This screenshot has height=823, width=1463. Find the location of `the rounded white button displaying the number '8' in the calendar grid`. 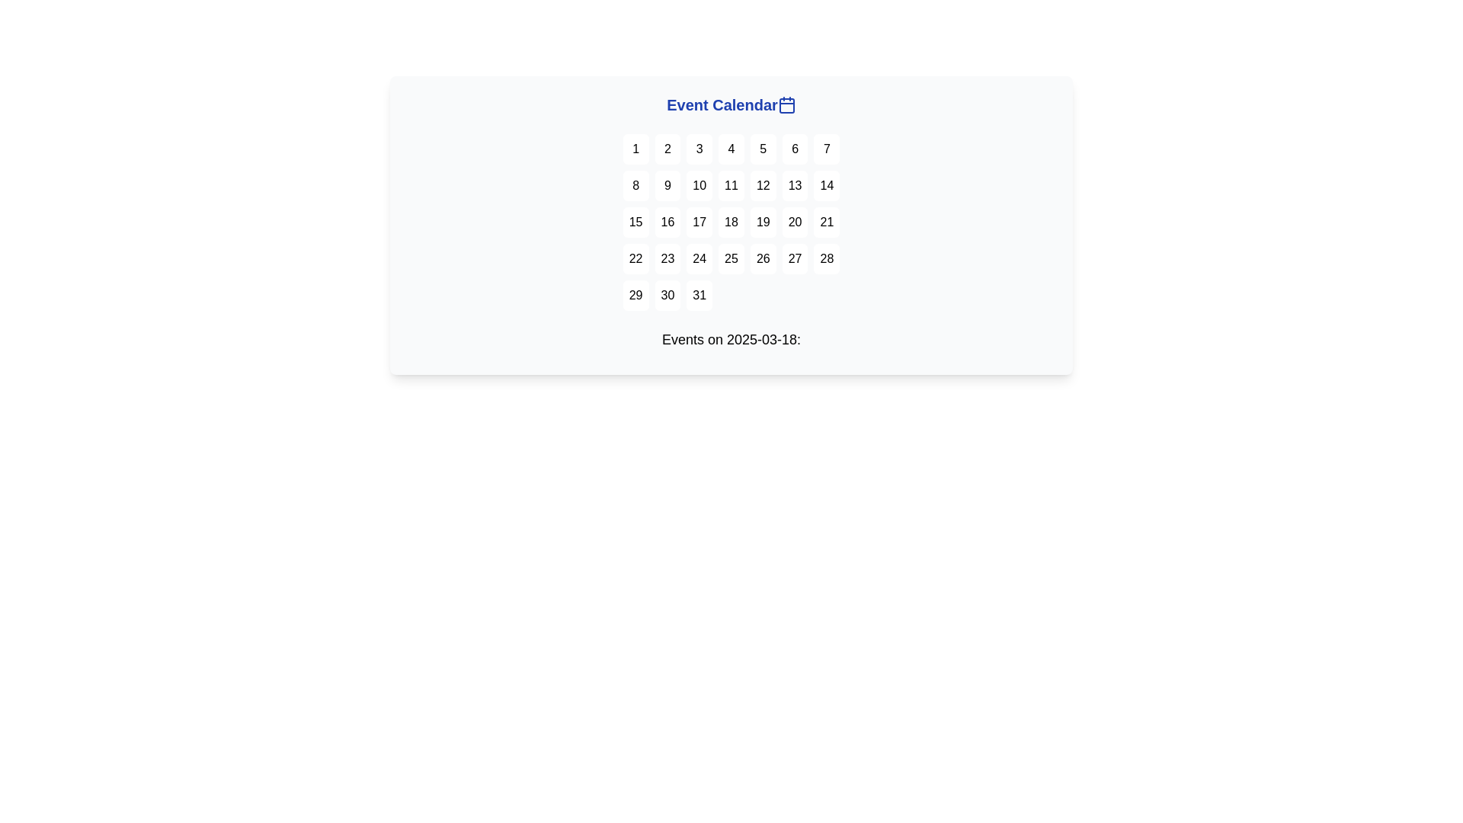

the rounded white button displaying the number '8' in the calendar grid is located at coordinates (635, 184).